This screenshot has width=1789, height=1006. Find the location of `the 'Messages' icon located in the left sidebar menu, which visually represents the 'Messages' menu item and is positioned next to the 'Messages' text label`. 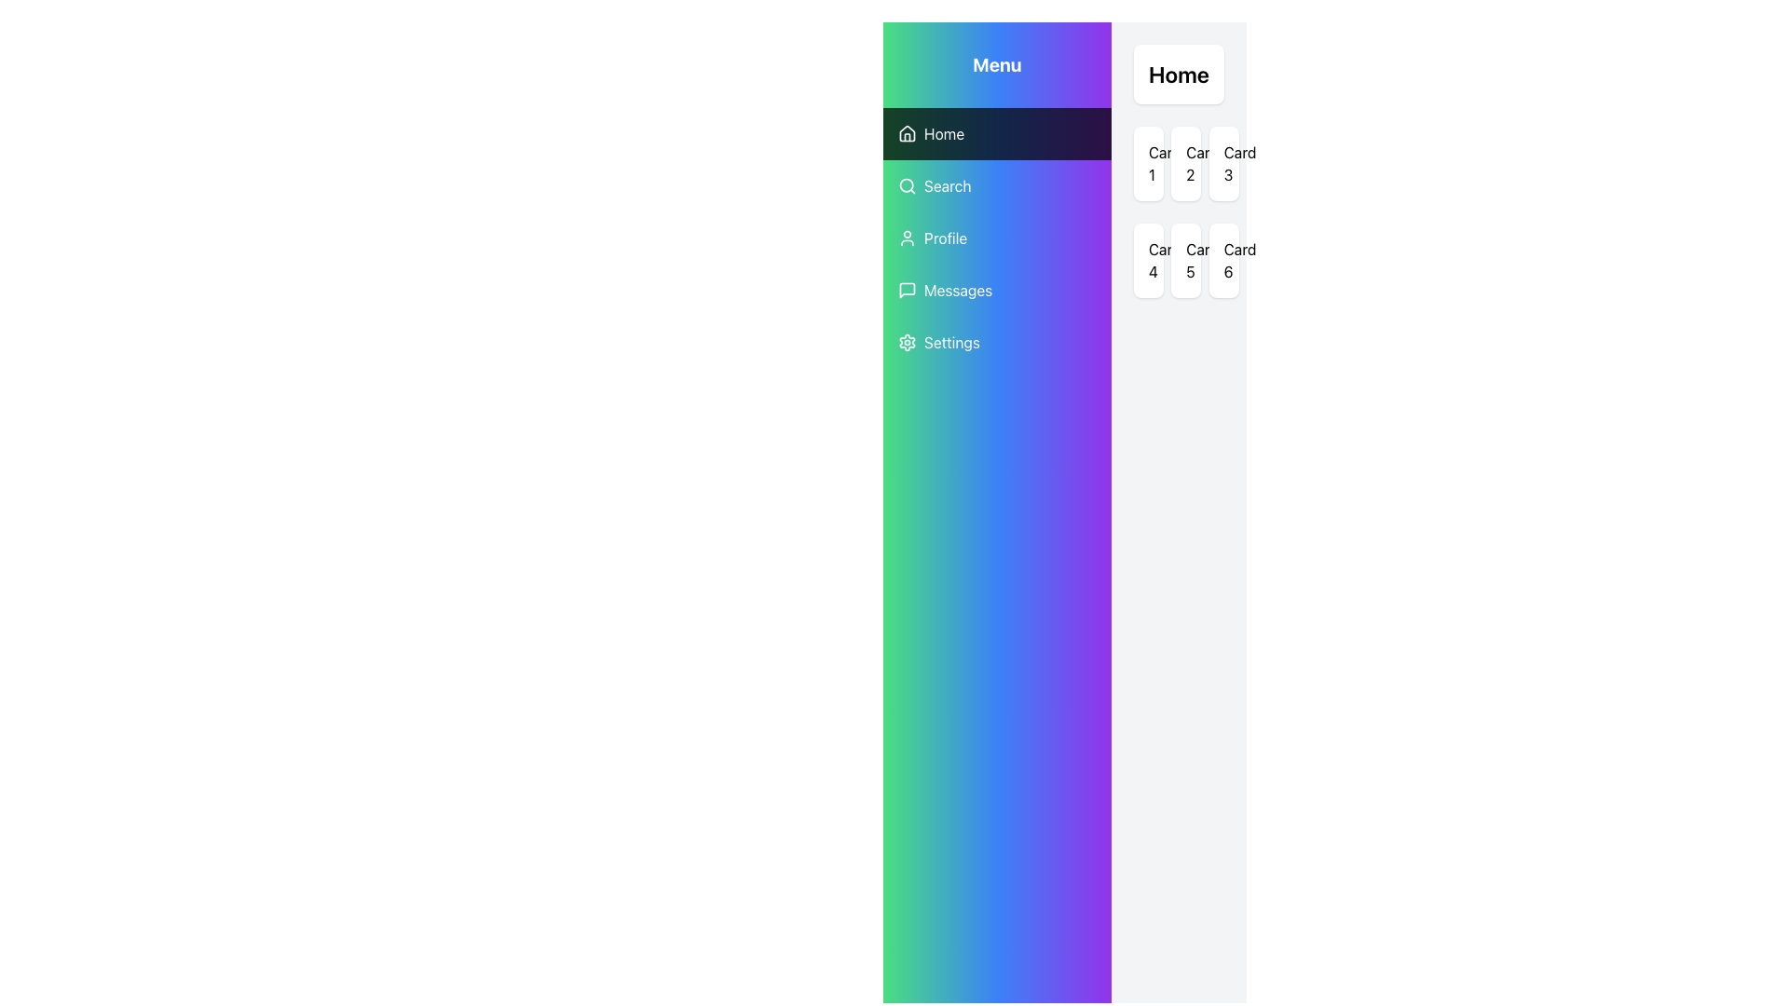

the 'Messages' icon located in the left sidebar menu, which visually represents the 'Messages' menu item and is positioned next to the 'Messages' text label is located at coordinates (908, 291).